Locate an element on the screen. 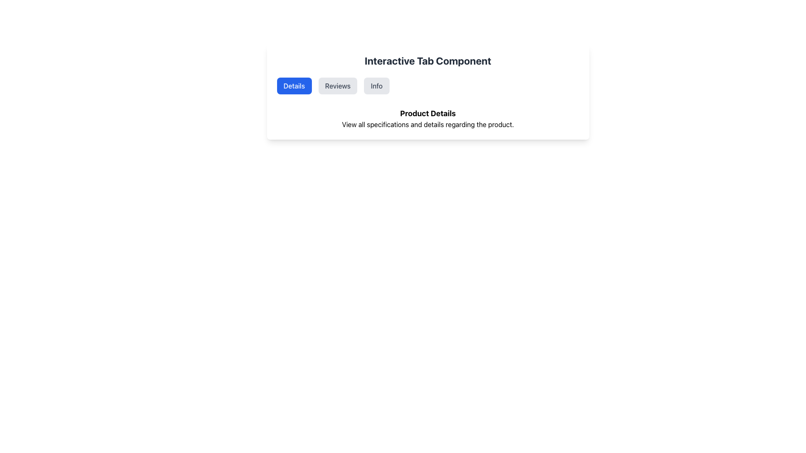 This screenshot has height=453, width=806. the 'Reviews' tab button is located at coordinates (338, 86).